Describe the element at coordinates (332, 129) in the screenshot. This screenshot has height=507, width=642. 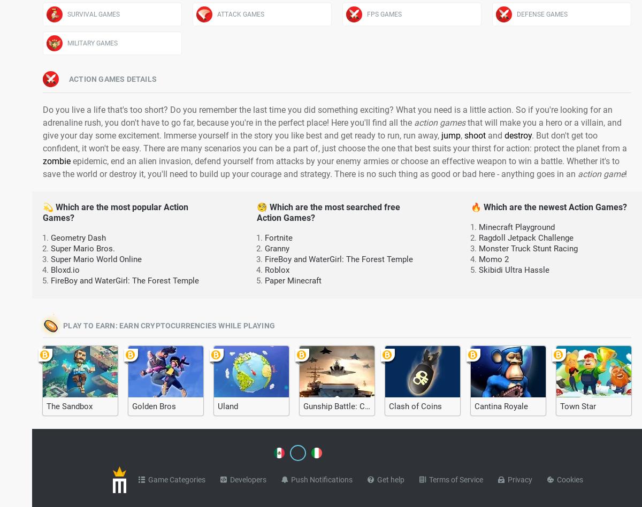
I see `'that will make you a hero or a villain, and give your day some excitement. Immerse yourself in the story you like best and get ready to run, run away,'` at that location.